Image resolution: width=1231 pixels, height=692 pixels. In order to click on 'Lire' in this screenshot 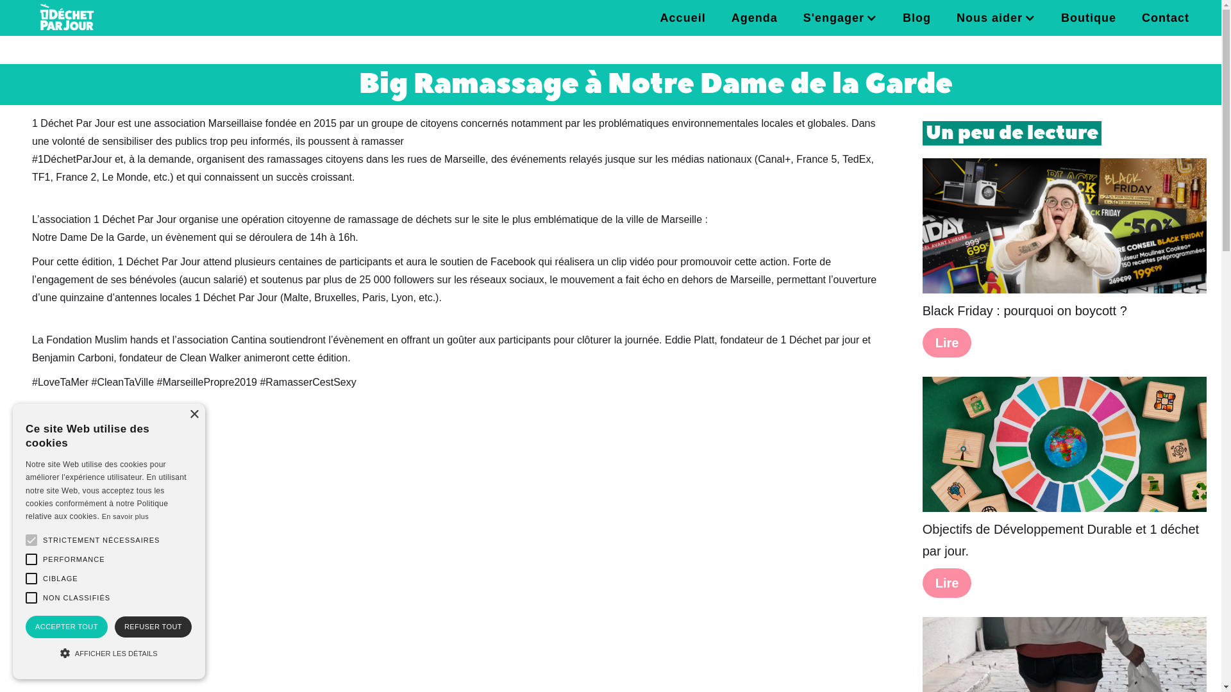, I will do `click(922, 342)`.